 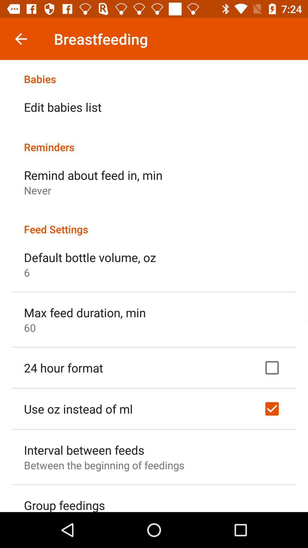 What do you see at coordinates (21, 39) in the screenshot?
I see `the icon above babies icon` at bounding box center [21, 39].